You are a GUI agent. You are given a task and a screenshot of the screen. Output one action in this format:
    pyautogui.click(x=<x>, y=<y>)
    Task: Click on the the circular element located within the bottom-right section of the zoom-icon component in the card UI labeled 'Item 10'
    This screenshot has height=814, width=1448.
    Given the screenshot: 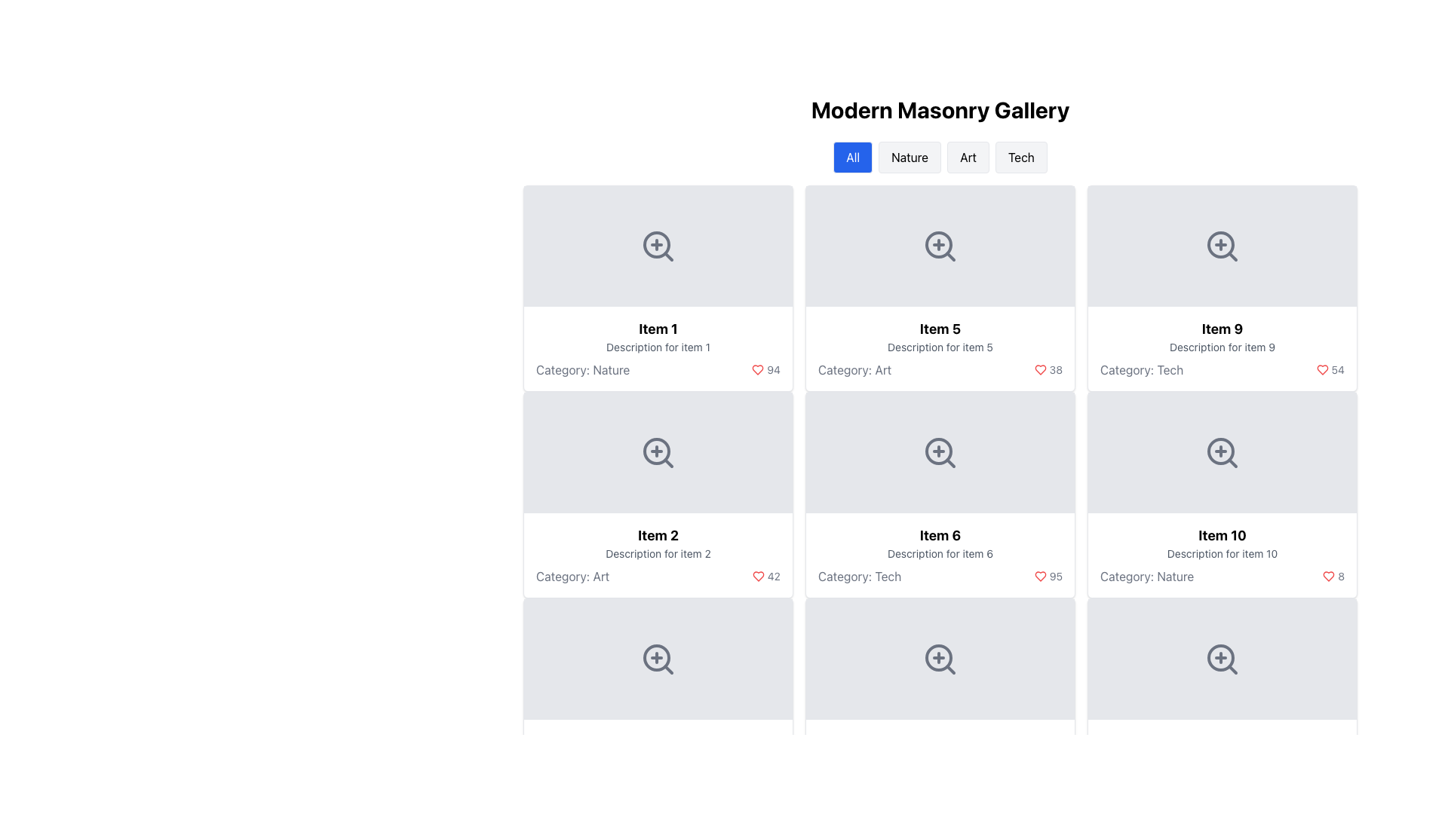 What is the action you would take?
    pyautogui.click(x=1220, y=656)
    